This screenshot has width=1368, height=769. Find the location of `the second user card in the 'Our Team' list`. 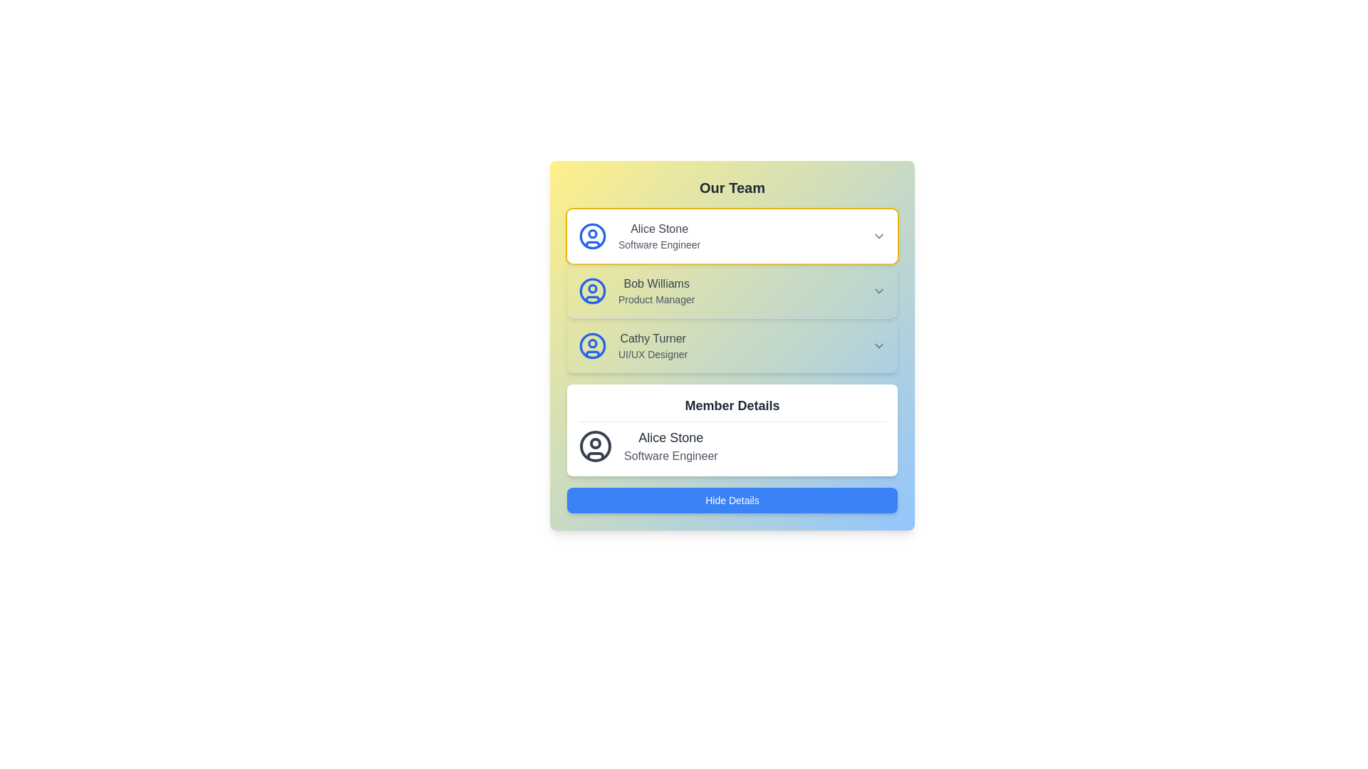

the second user card in the 'Our Team' list is located at coordinates (732, 290).